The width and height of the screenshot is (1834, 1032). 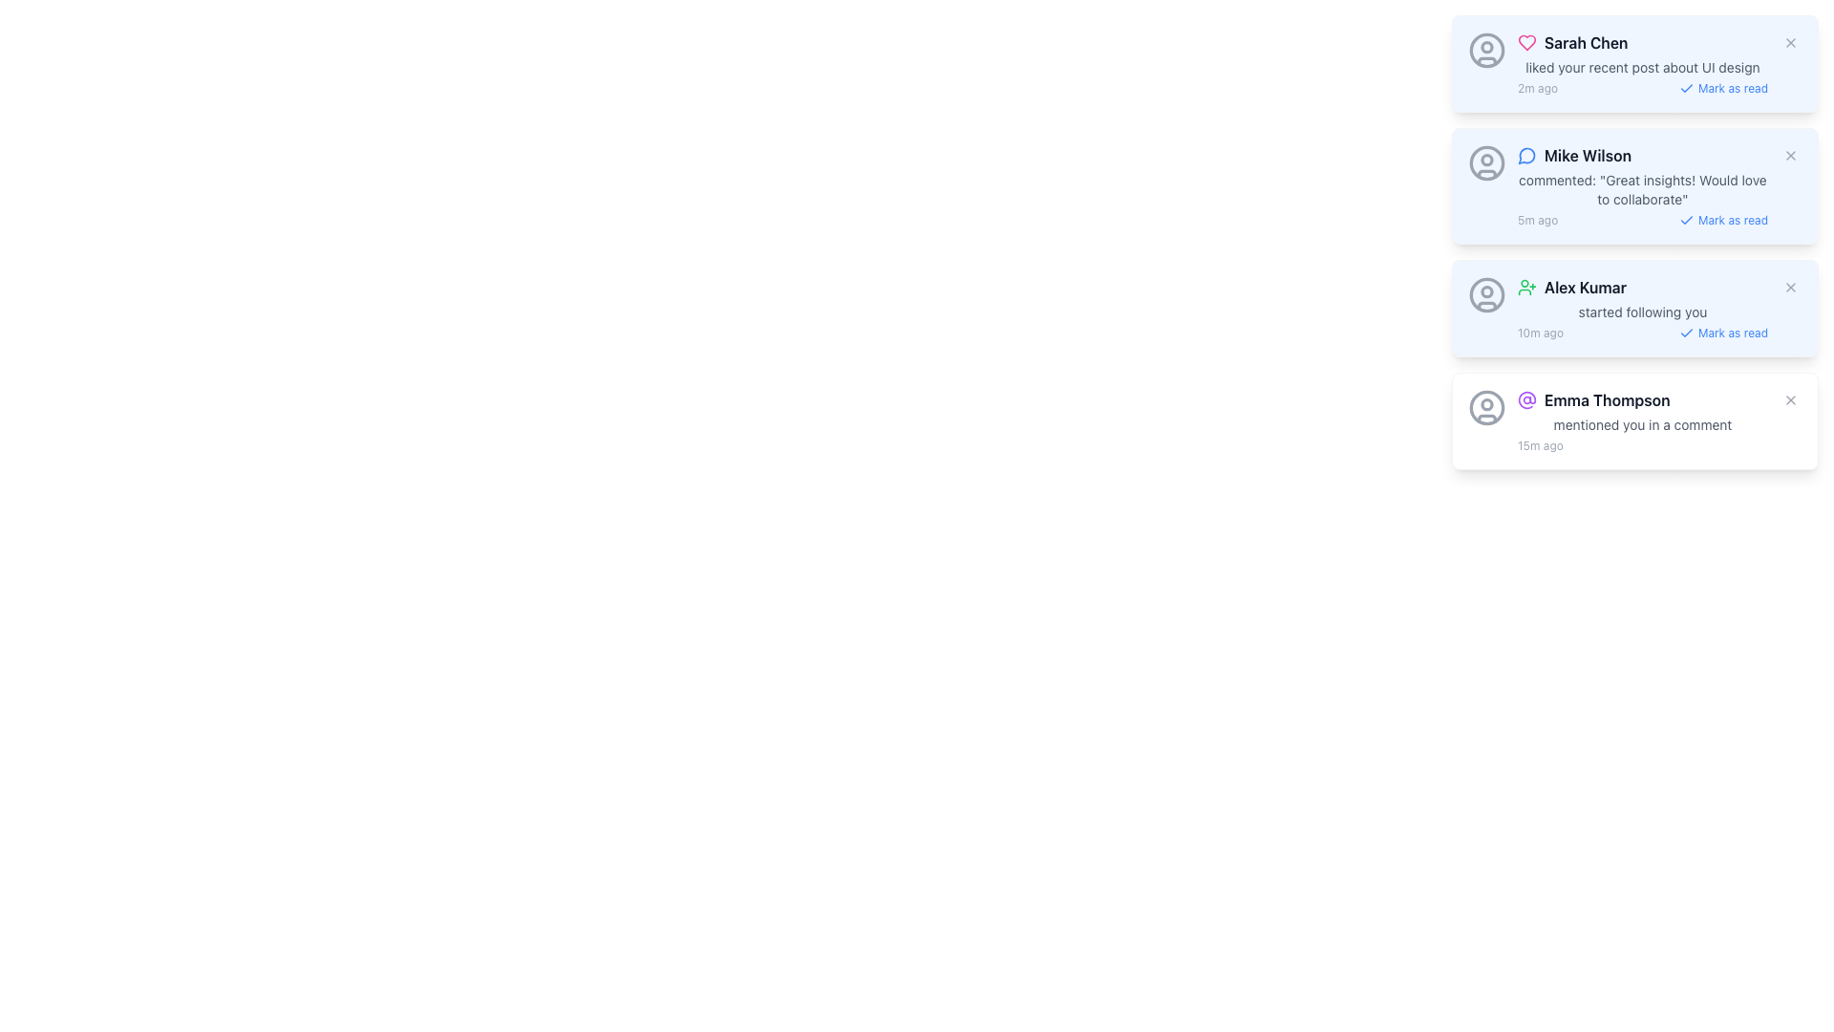 What do you see at coordinates (1588, 154) in the screenshot?
I see `the text label displaying the name 'Mike Wilson' located inside a notification card, positioned second from the top in a vertical list of similar cards, to the right of a speech bubble icon` at bounding box center [1588, 154].